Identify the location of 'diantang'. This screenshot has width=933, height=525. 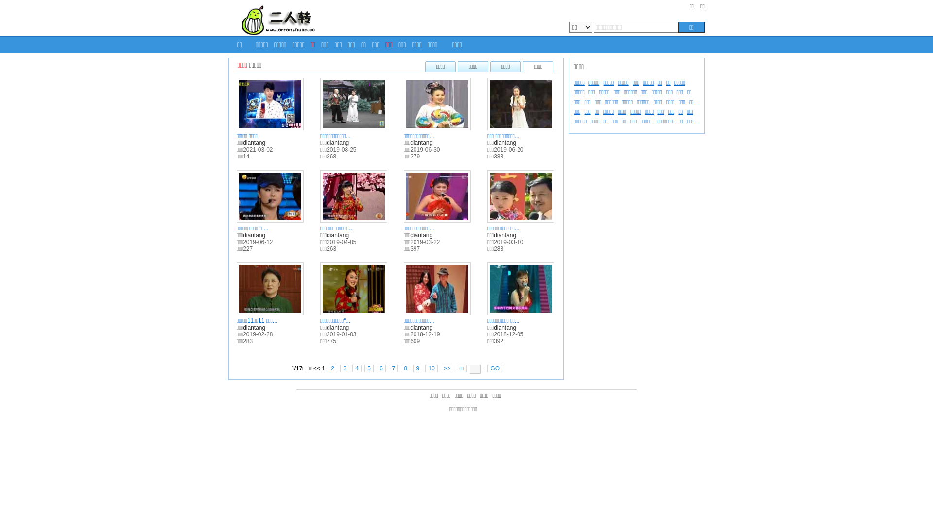
(242, 142).